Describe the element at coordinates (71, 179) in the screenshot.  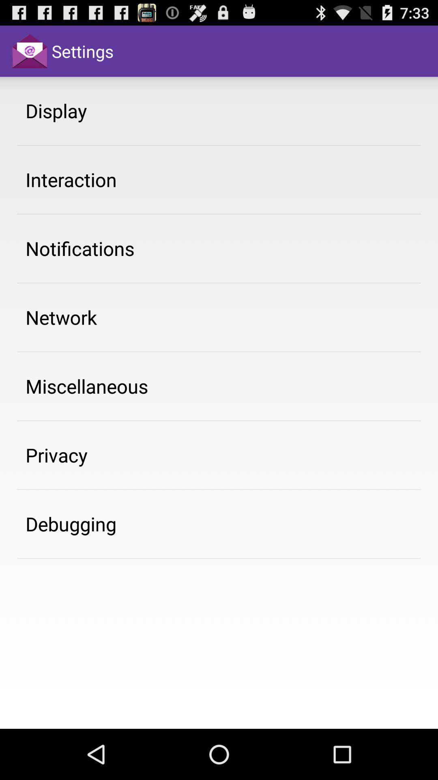
I see `the interaction item` at that location.